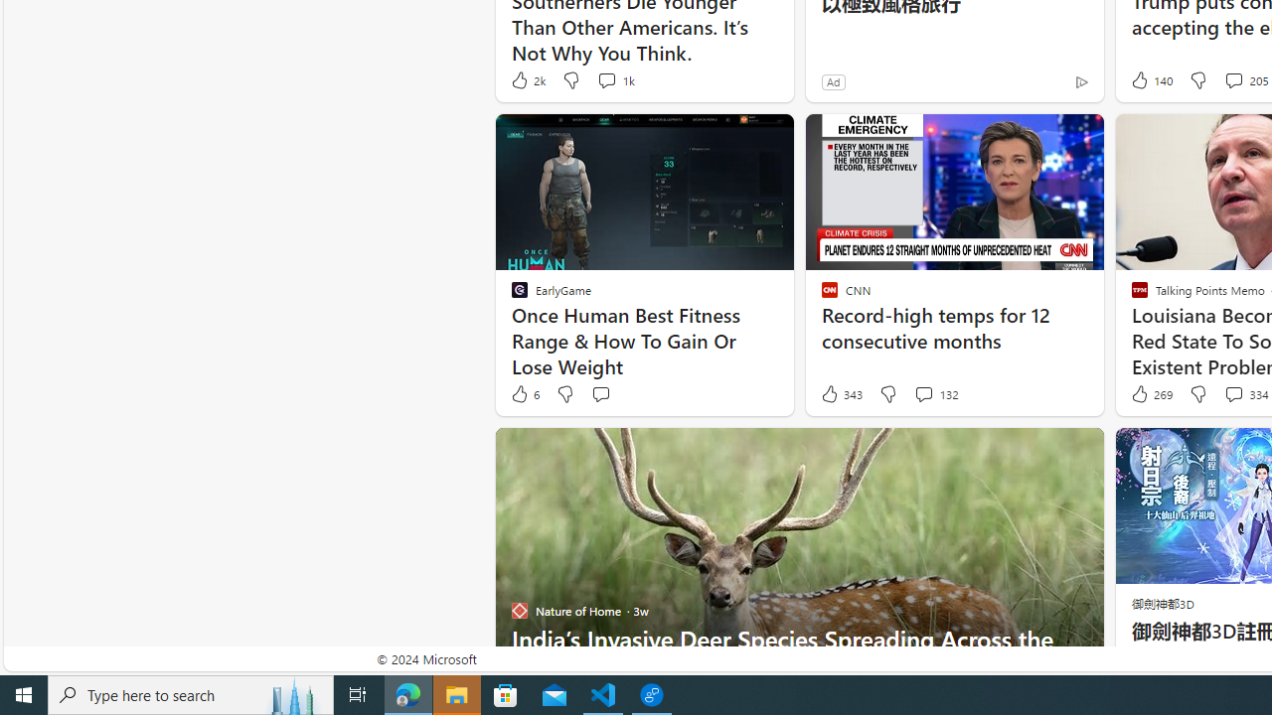 The image size is (1272, 715). I want to click on '2k Like', so click(527, 79).